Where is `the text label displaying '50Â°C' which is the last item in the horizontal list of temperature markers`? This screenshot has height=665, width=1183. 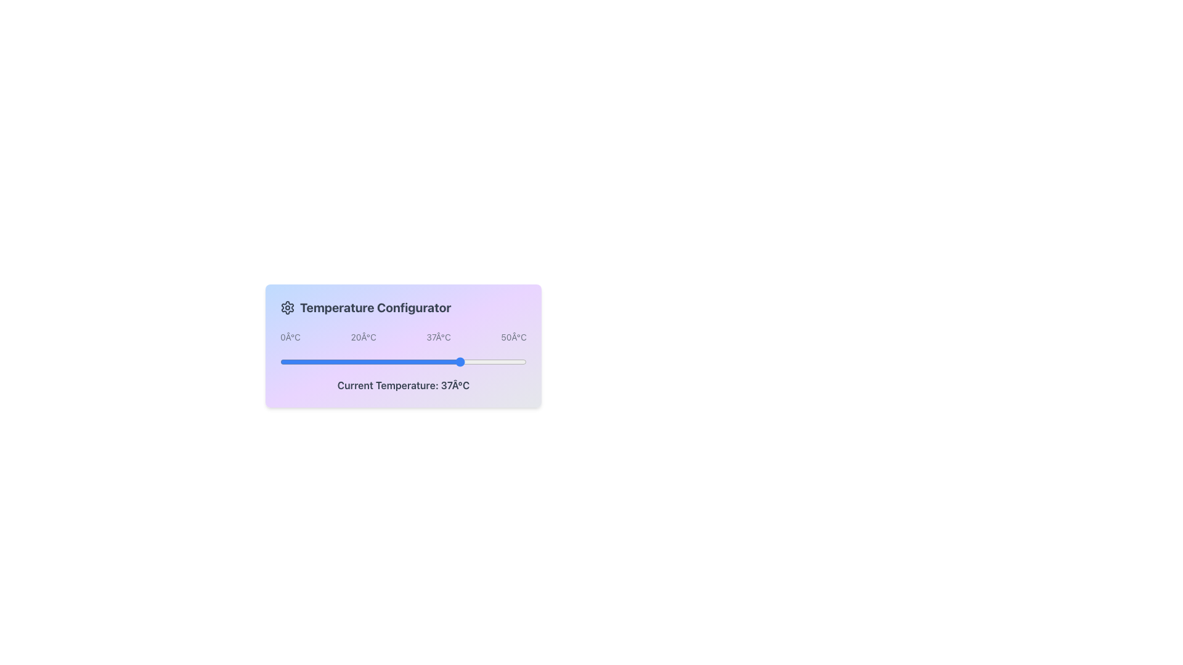 the text label displaying '50Â°C' which is the last item in the horizontal list of temperature markers is located at coordinates (514, 337).